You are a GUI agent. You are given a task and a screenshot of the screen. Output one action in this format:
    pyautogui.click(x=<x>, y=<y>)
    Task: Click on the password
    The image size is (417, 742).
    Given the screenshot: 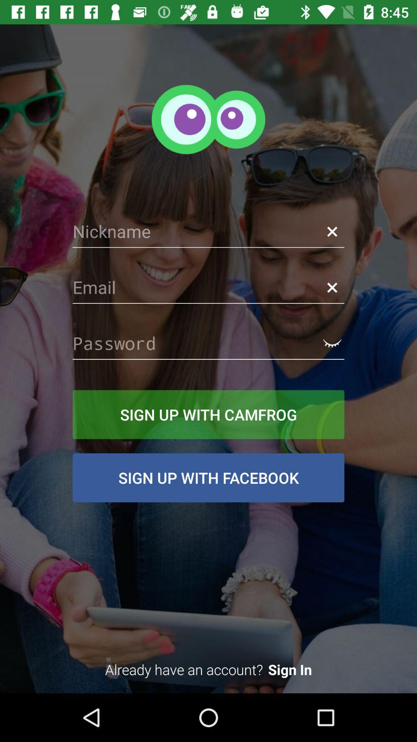 What is the action you would take?
    pyautogui.click(x=208, y=343)
    